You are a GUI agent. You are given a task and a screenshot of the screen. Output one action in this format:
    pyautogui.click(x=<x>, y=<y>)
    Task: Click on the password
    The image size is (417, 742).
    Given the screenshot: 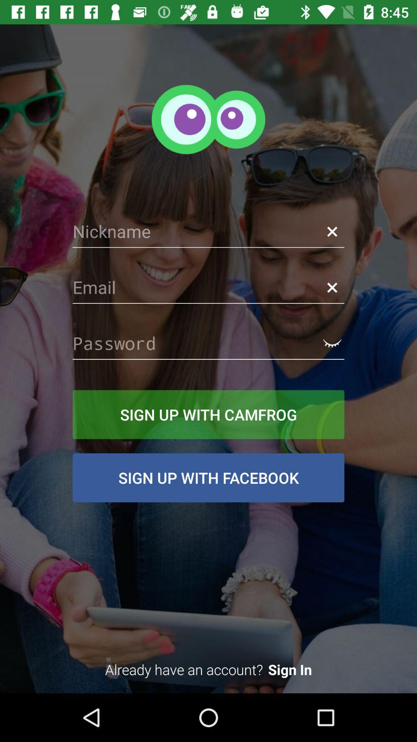 What is the action you would take?
    pyautogui.click(x=208, y=343)
    